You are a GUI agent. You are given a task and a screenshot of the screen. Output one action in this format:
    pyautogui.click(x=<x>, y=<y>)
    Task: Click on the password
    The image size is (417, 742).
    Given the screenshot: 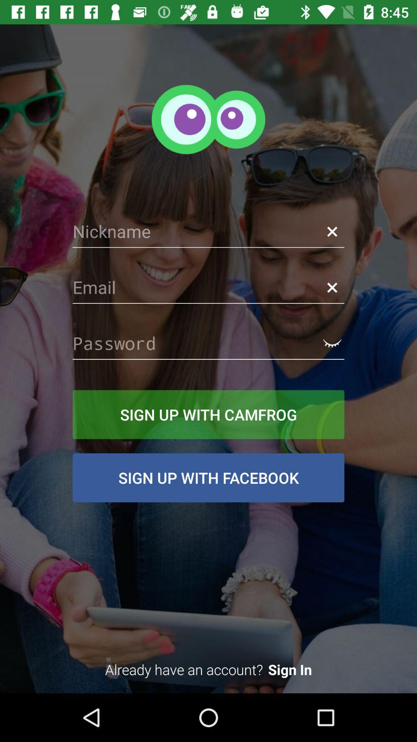 What is the action you would take?
    pyautogui.click(x=208, y=343)
    